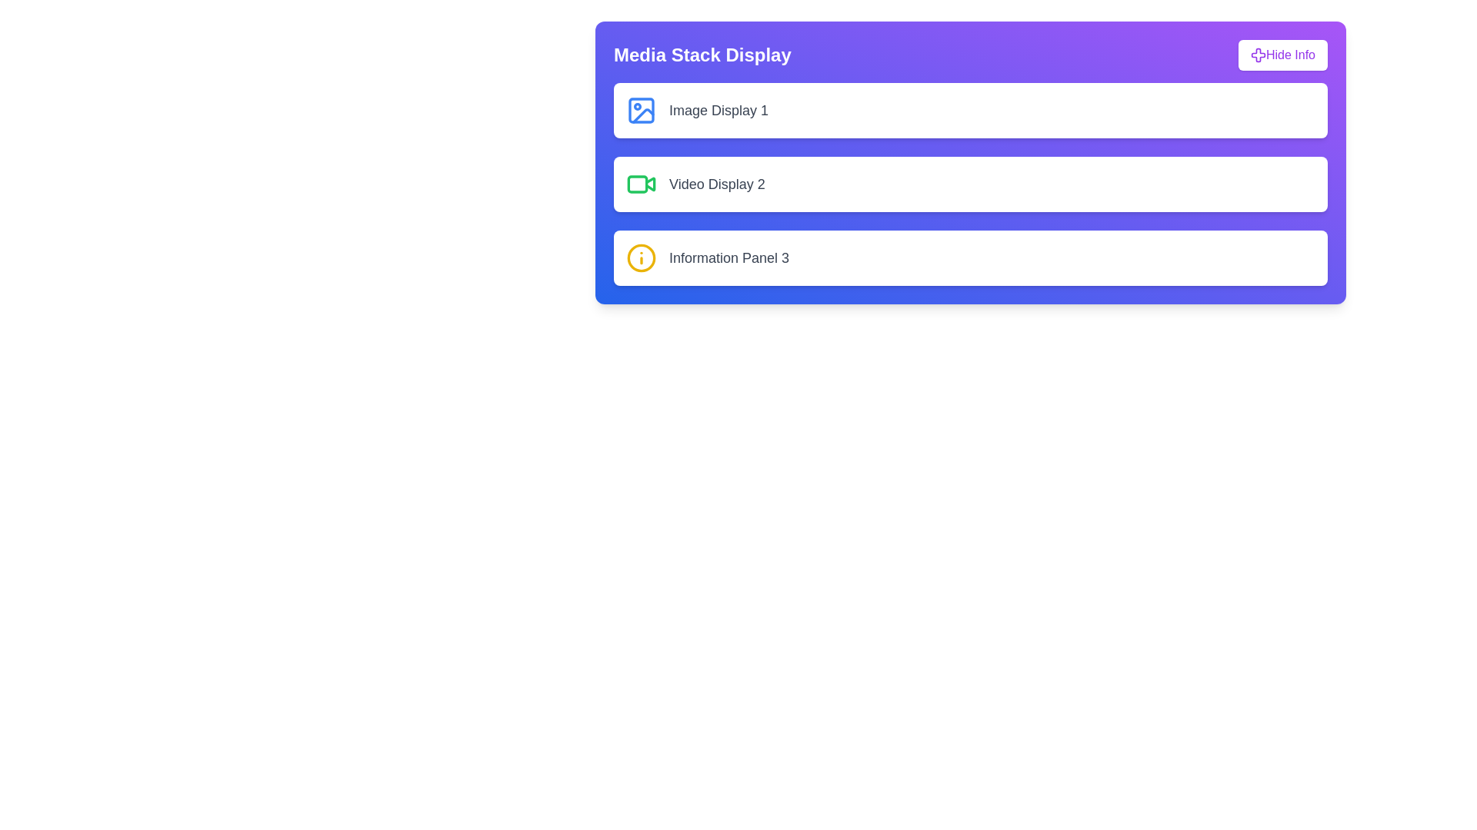 This screenshot has height=830, width=1477. Describe the element at coordinates (716, 183) in the screenshot. I see `text label titled 'Video Display 2', which is located in the second row of a vertically stacked list inside a card, positioned to the right of a video camera icon` at that location.